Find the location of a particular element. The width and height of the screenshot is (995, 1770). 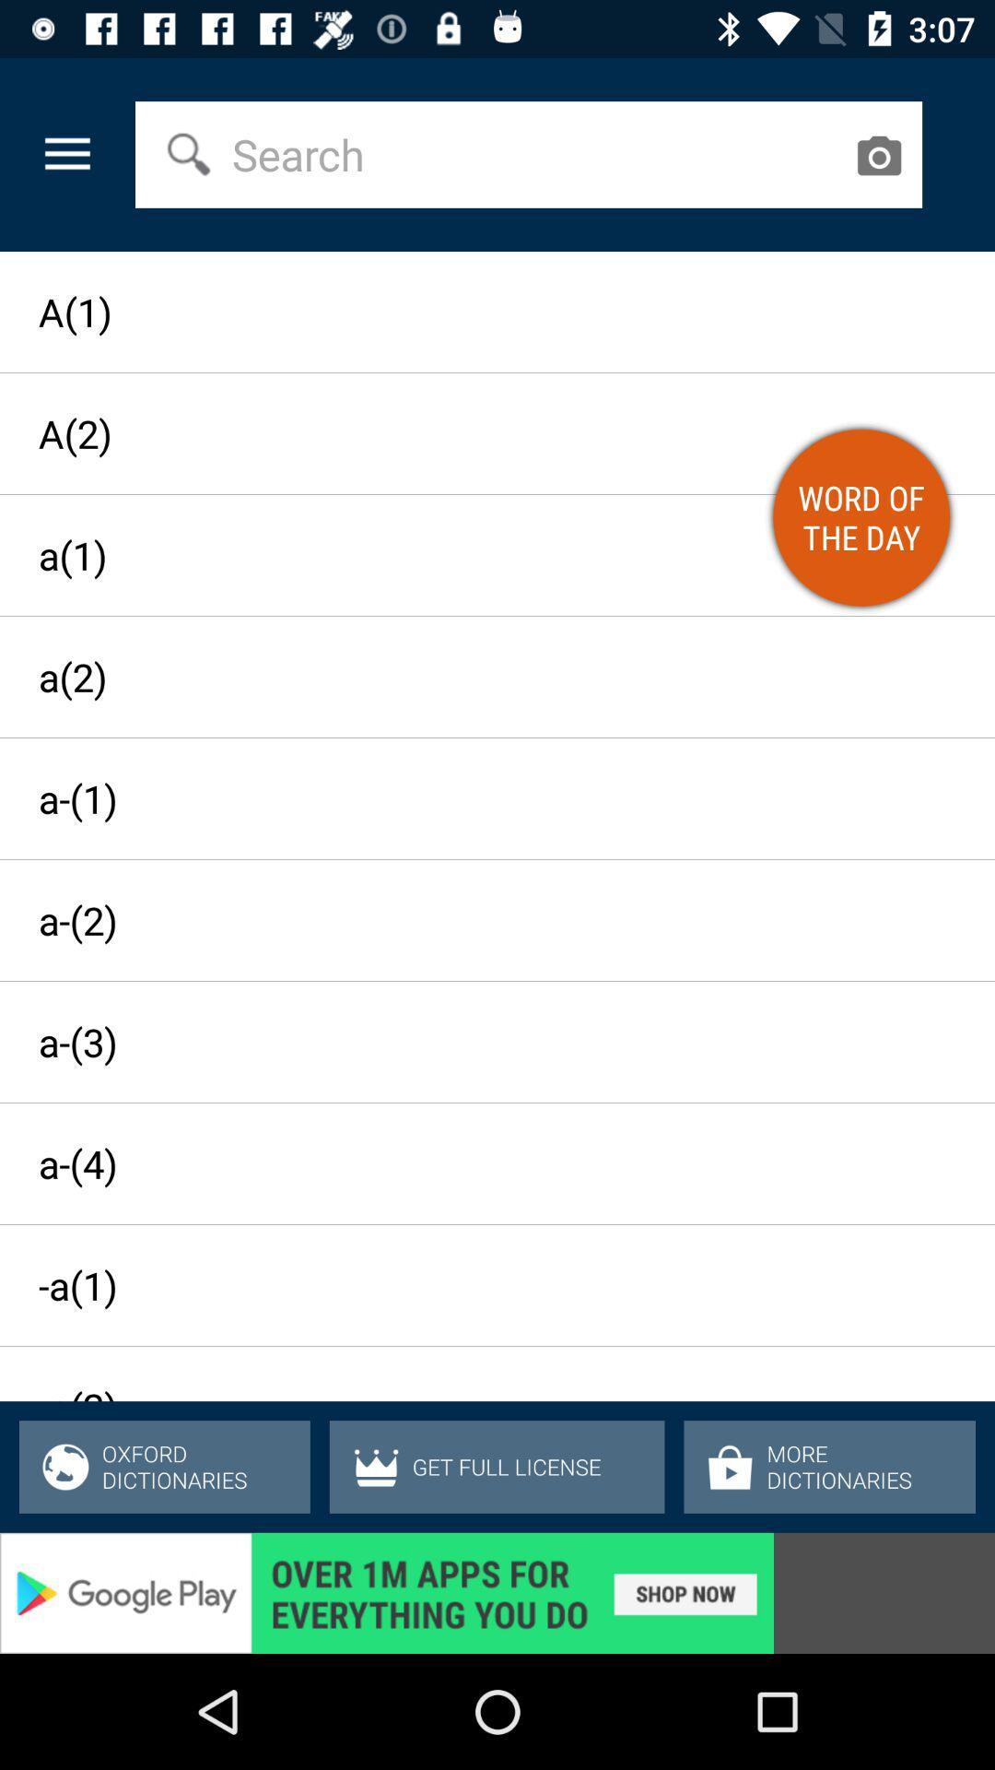

take a picture is located at coordinates (877, 155).